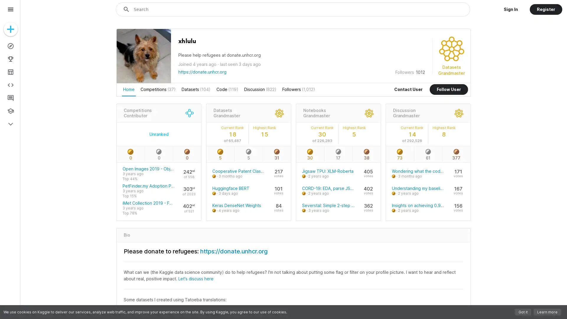  What do you see at coordinates (545, 9) in the screenshot?
I see `Register` at bounding box center [545, 9].